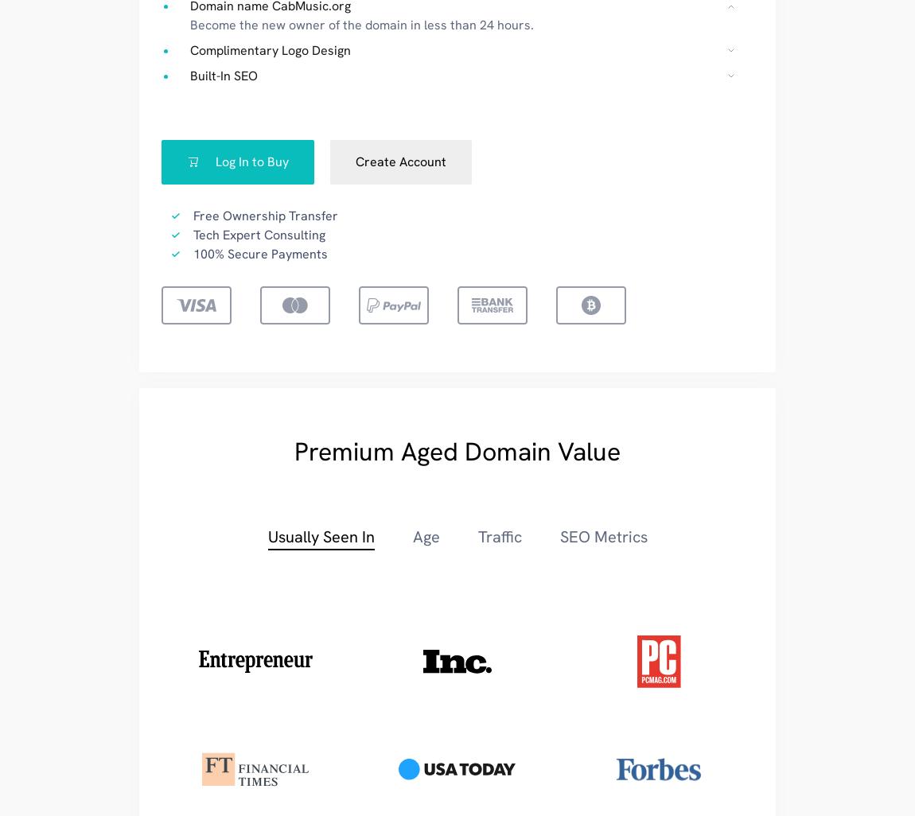  What do you see at coordinates (271, 49) in the screenshot?
I see `'Complimentary Logo Design'` at bounding box center [271, 49].